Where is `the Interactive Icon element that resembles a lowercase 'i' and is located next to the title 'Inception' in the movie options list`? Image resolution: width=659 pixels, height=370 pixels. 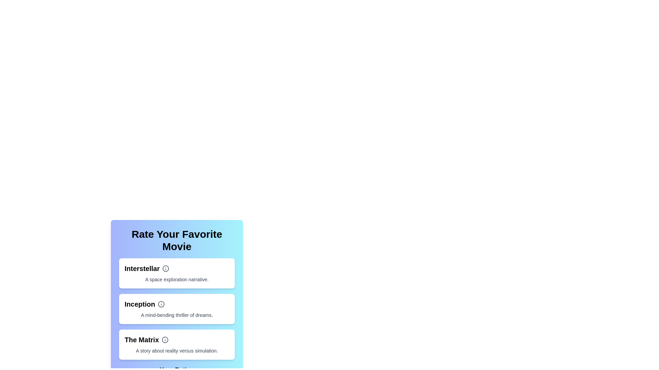 the Interactive Icon element that resembles a lowercase 'i' and is located next to the title 'Inception' in the movie options list is located at coordinates (161, 304).